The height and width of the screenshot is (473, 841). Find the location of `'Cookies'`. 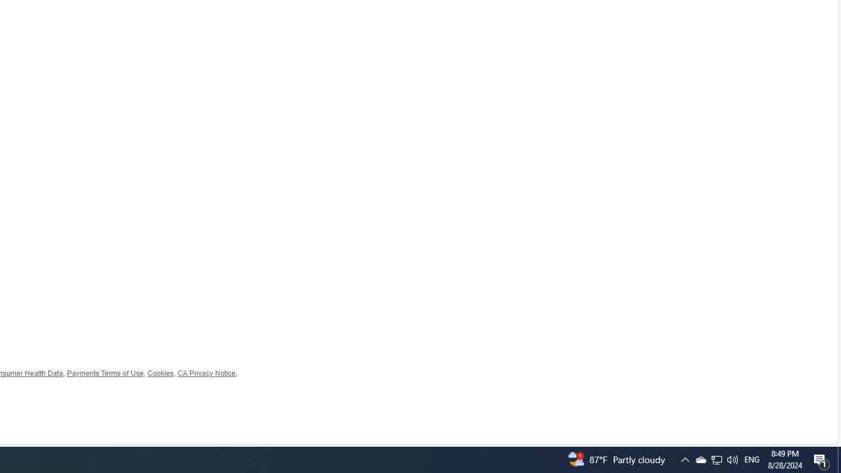

'Cookies' is located at coordinates (160, 373).